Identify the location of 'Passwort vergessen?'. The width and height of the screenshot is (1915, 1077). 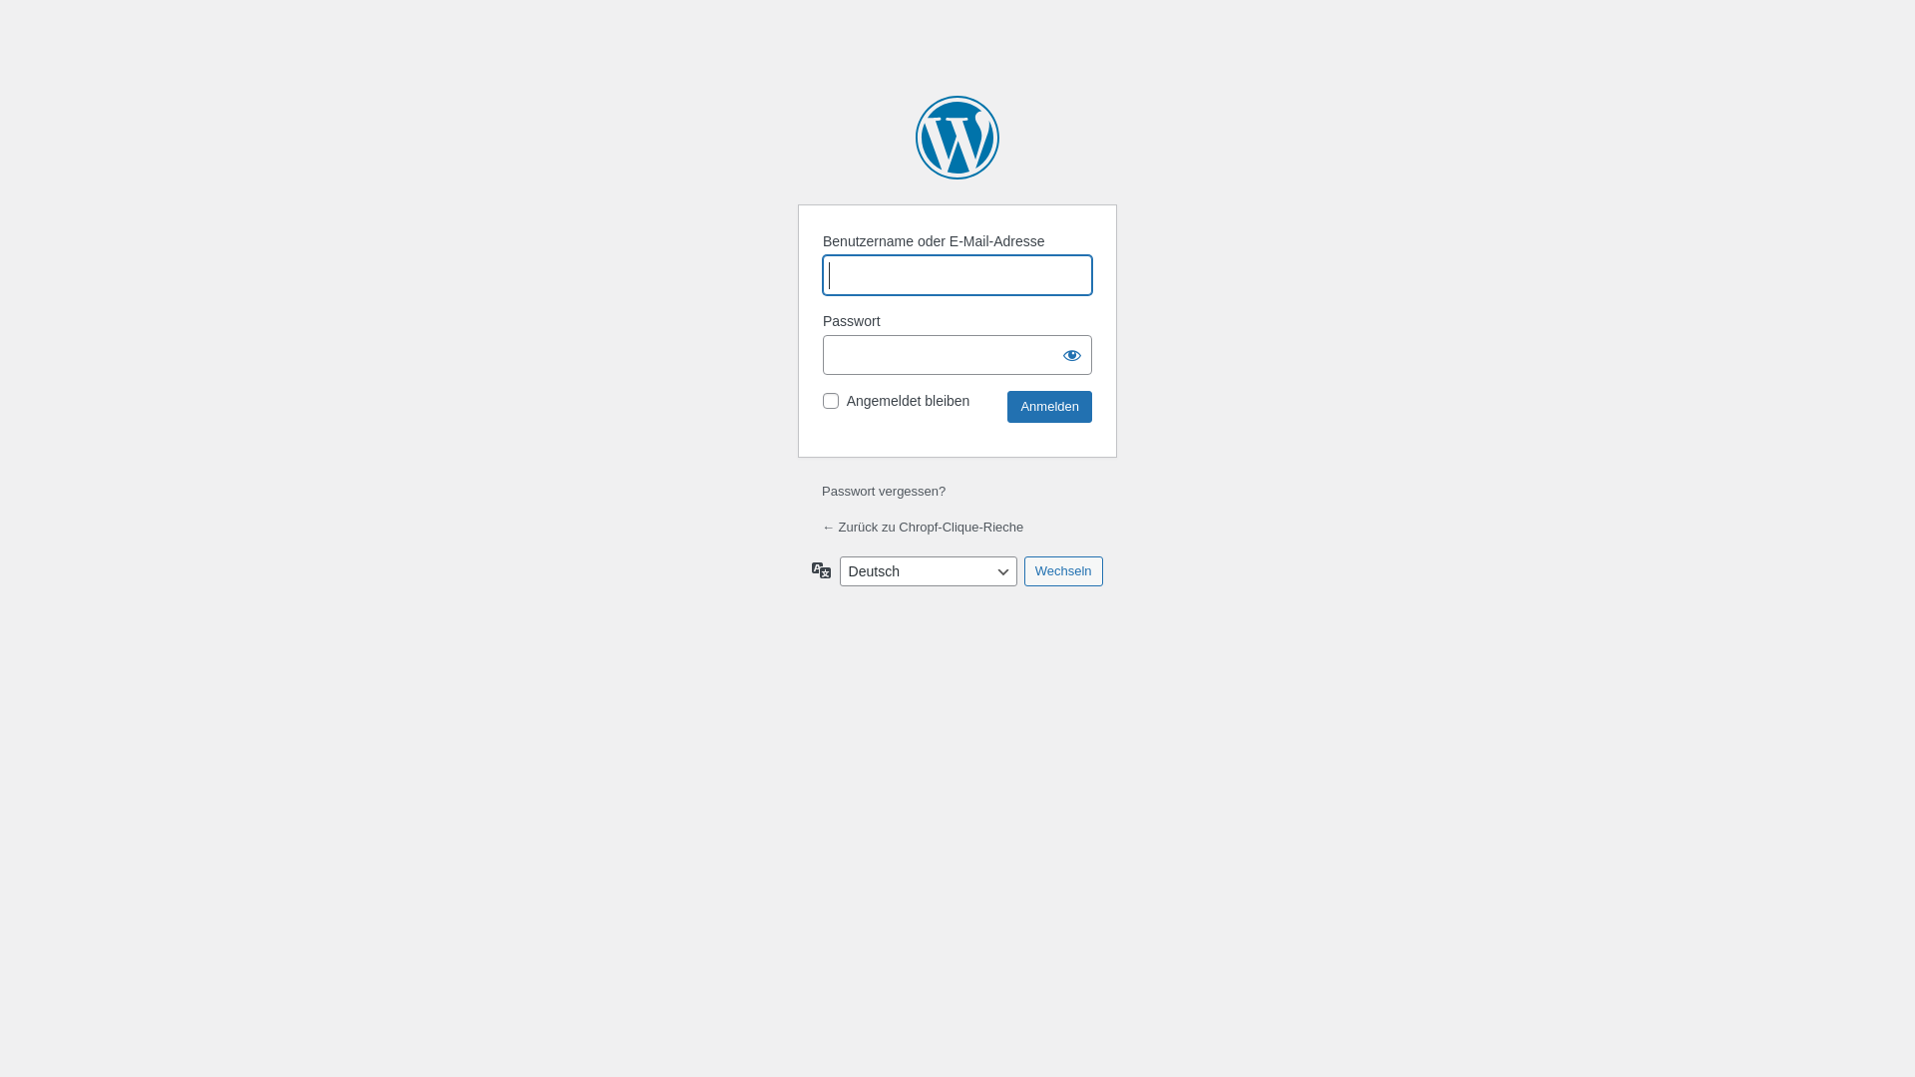
(883, 491).